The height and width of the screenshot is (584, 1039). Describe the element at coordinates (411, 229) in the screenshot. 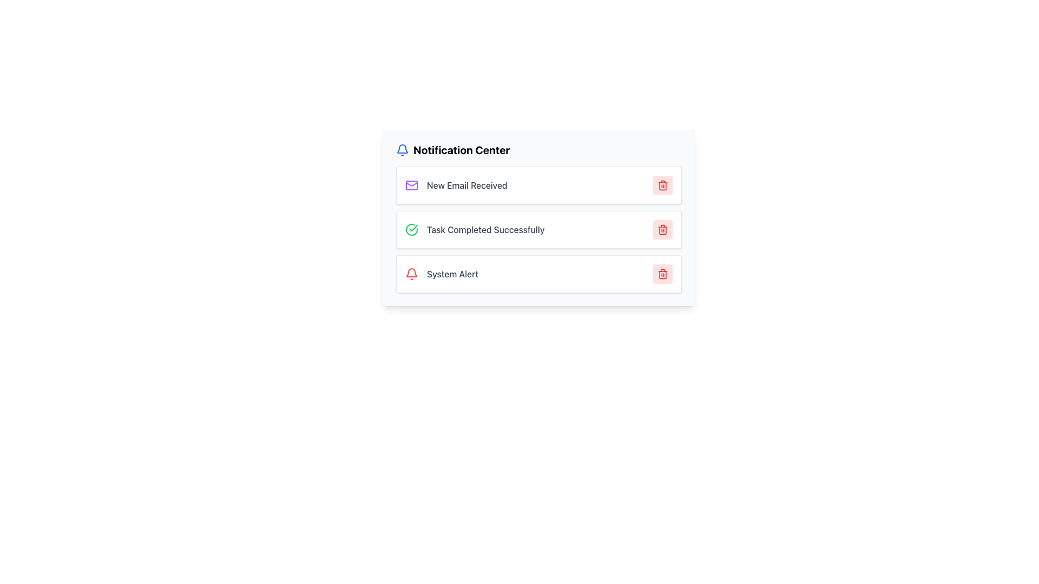

I see `the green check-shaped icon indicating task completion` at that location.